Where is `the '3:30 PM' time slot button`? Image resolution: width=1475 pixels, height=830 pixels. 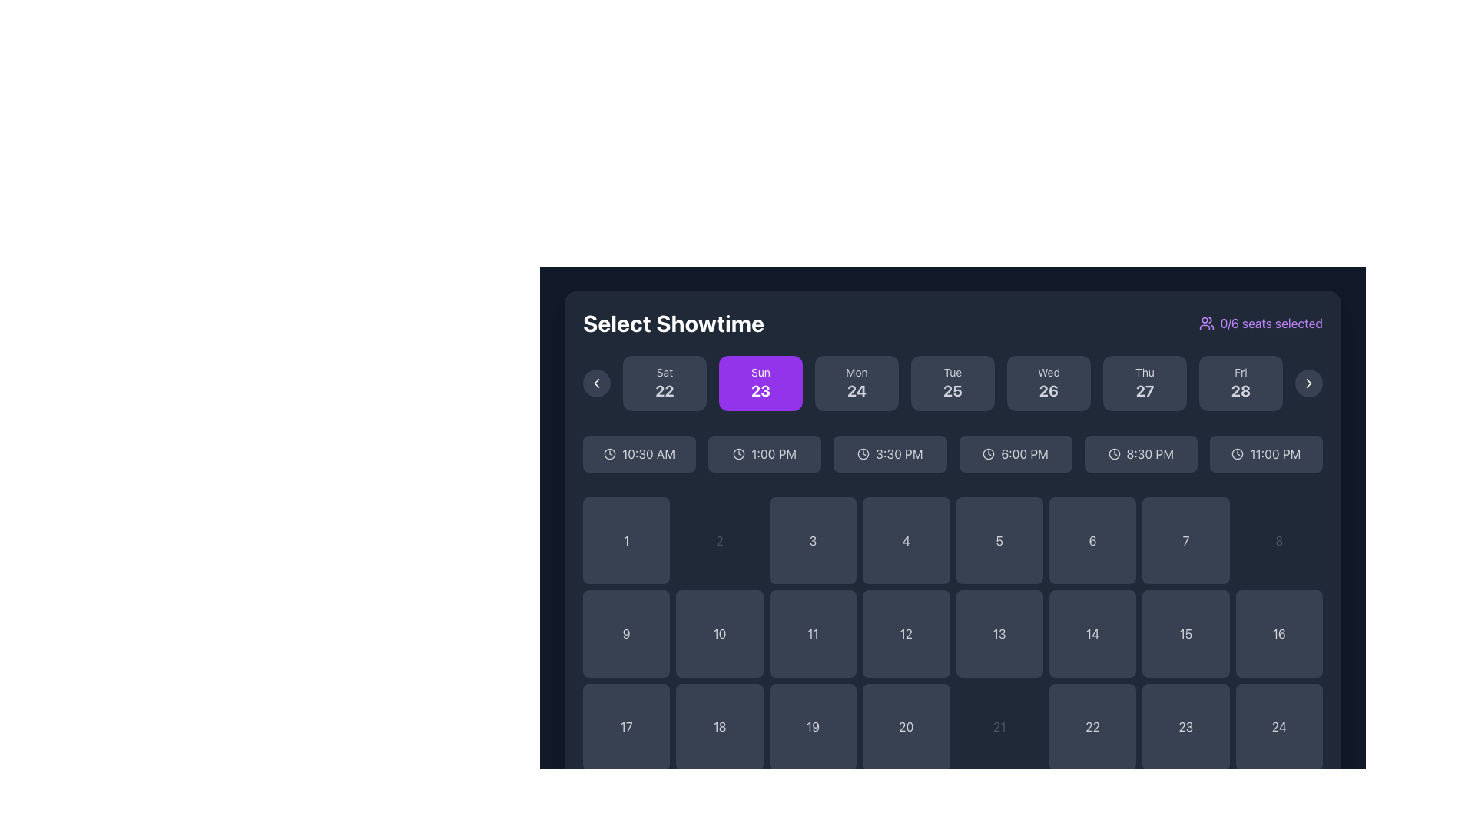 the '3:30 PM' time slot button is located at coordinates (899, 453).